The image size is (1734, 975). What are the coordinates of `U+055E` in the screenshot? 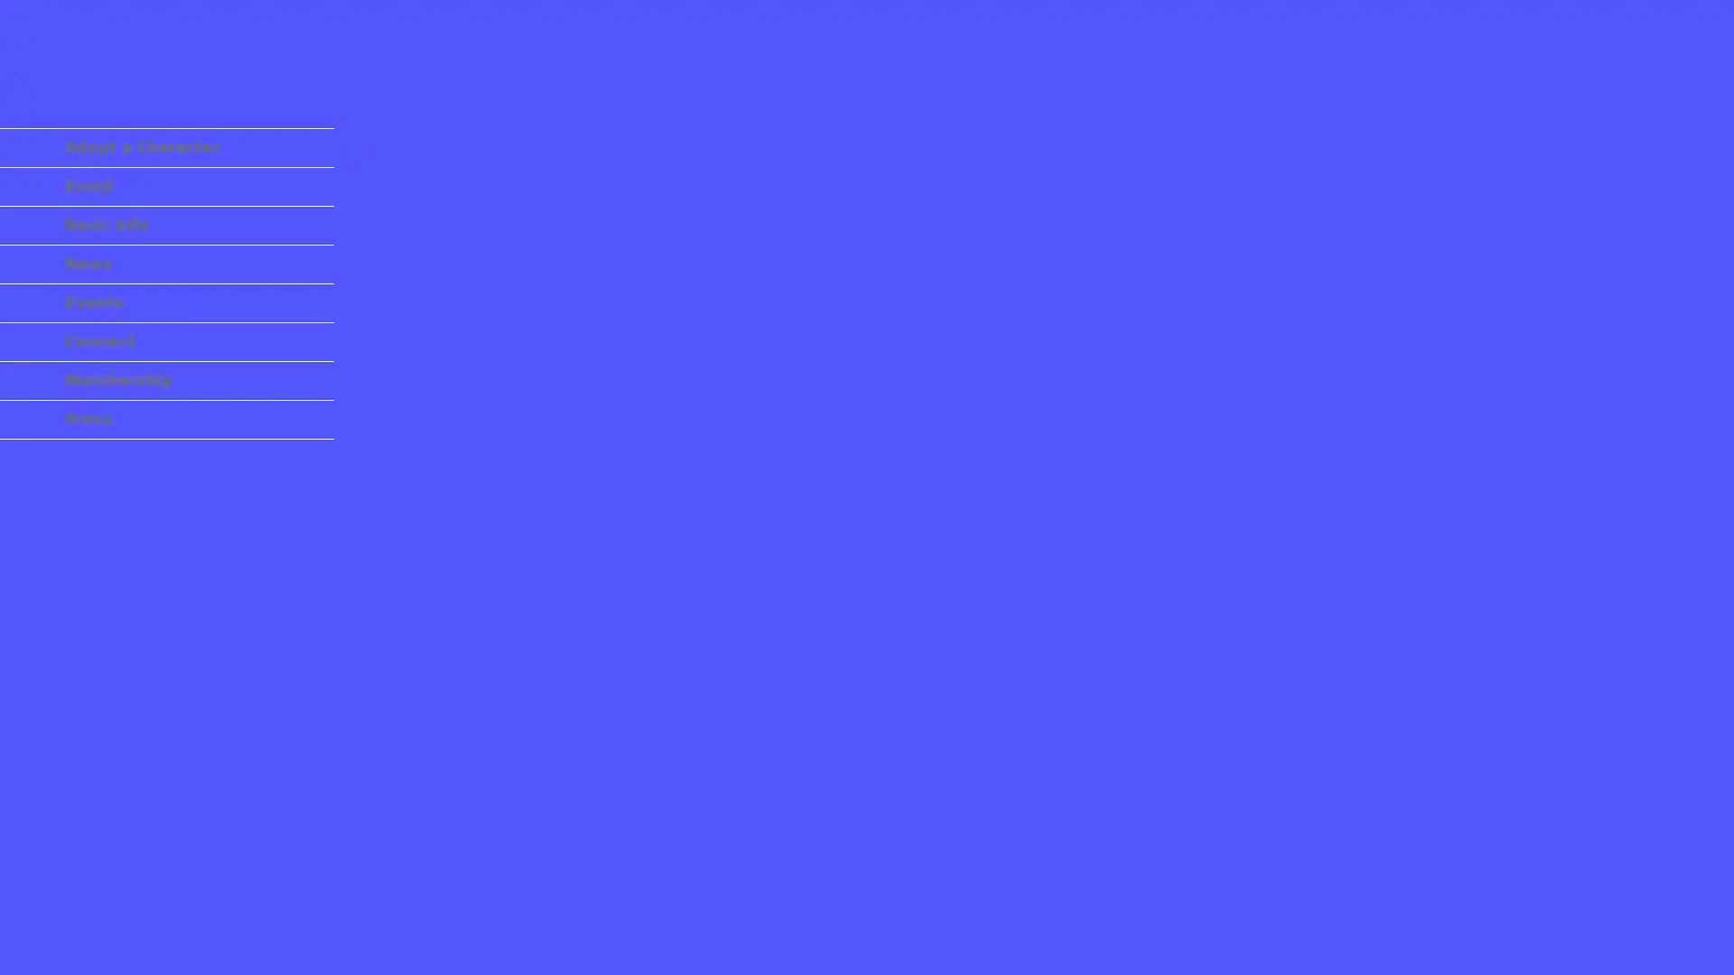 It's located at (1527, 204).